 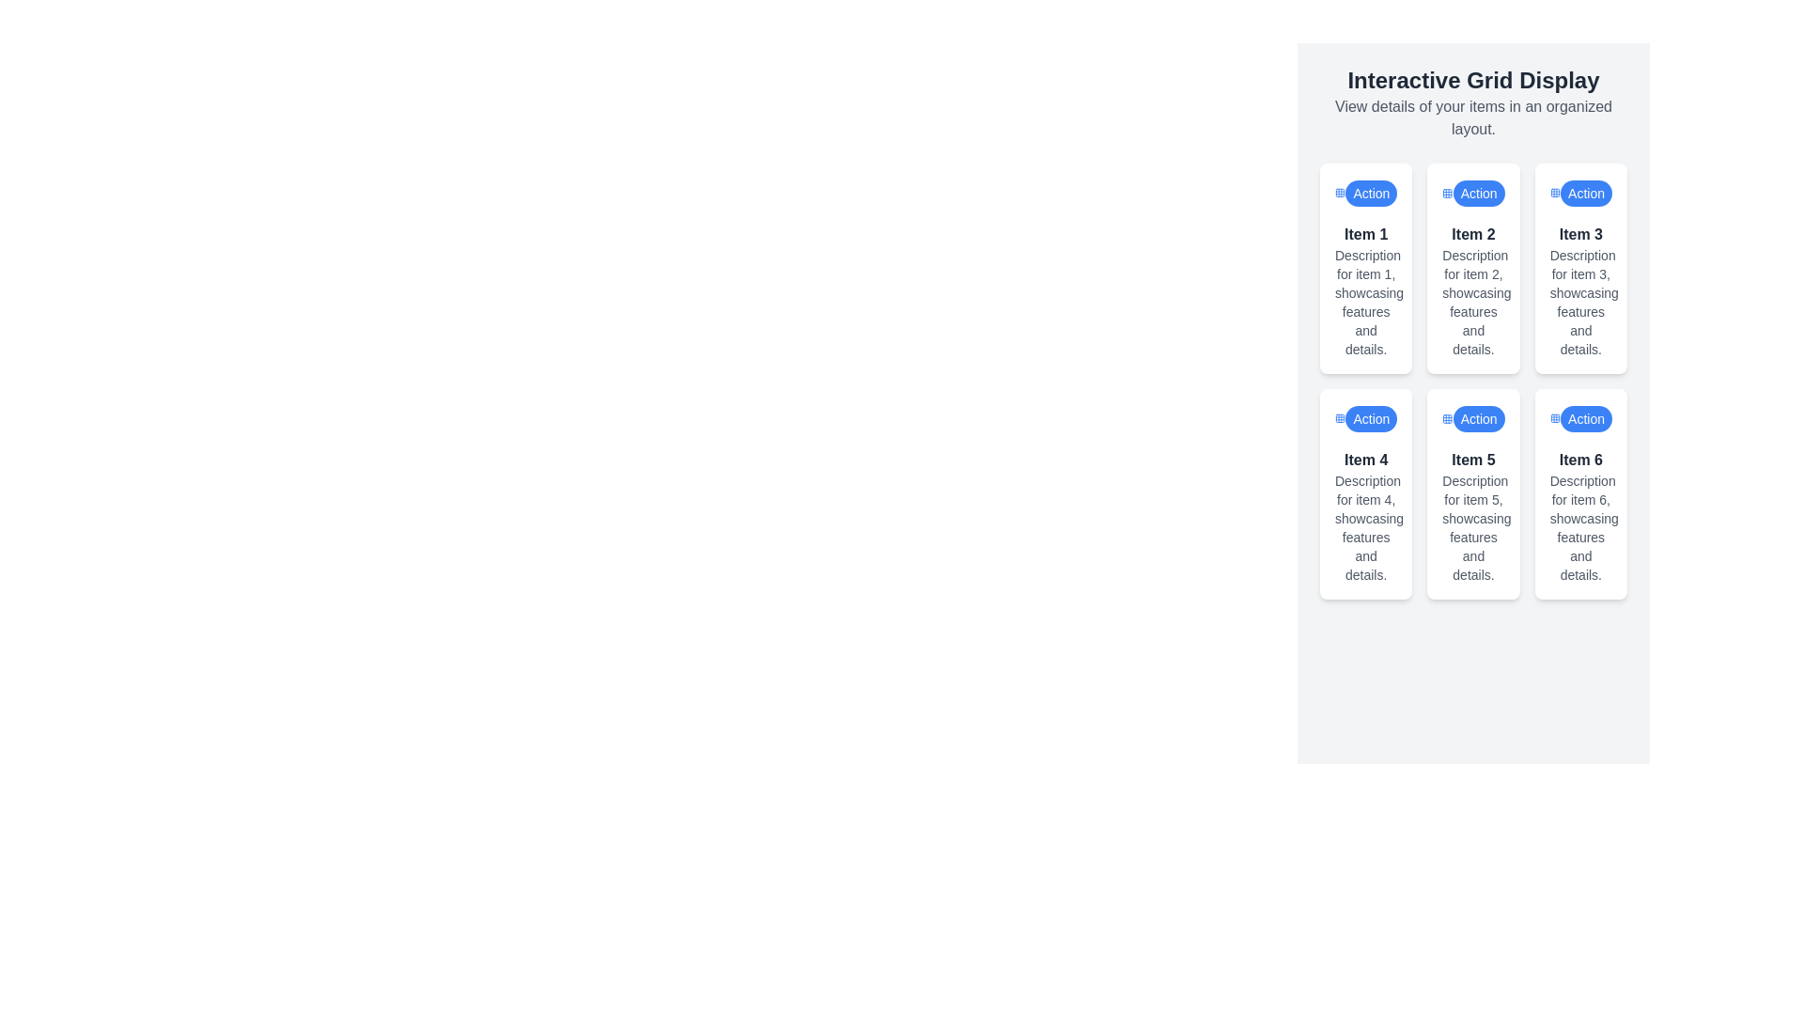 What do you see at coordinates (1585, 193) in the screenshot?
I see `the rounded rectangular button labeled 'Action' with a blue background located in the top-right corner of the third card to activate the hover effect` at bounding box center [1585, 193].